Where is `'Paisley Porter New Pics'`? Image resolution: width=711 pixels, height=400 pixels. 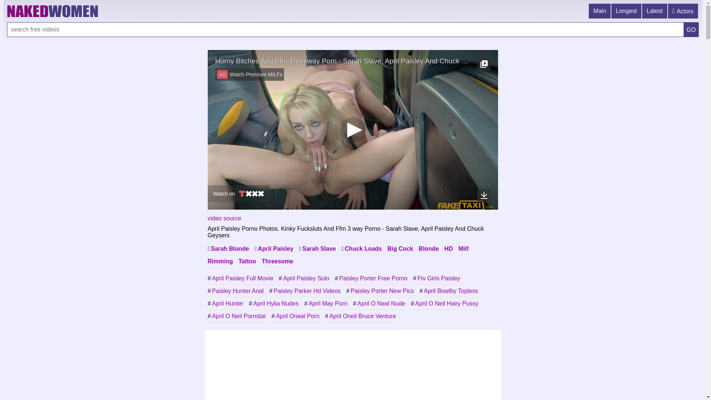
'Paisley Porter New Pics' is located at coordinates (380, 291).